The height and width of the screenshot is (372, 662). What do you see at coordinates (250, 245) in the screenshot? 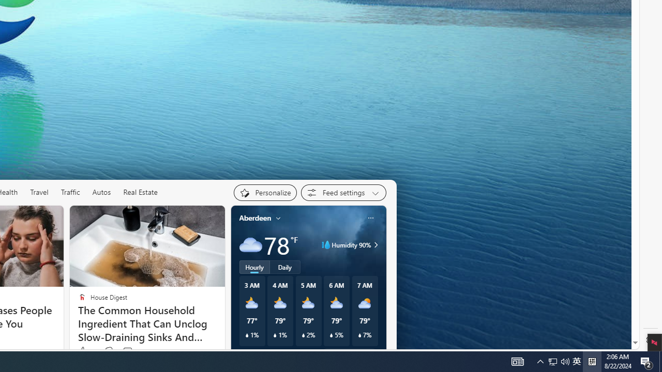
I see `'Cloudy'` at bounding box center [250, 245].